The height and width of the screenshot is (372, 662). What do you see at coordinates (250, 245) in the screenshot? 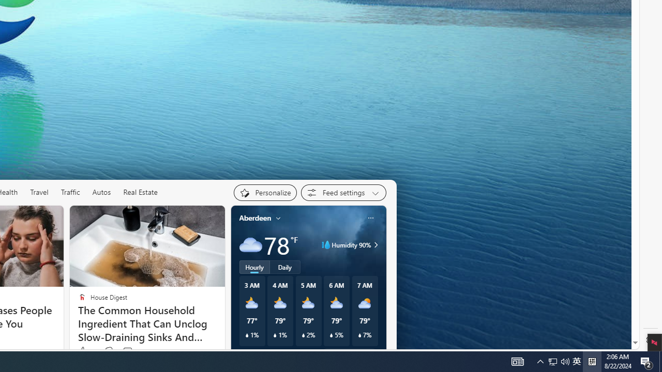
I see `'Cloudy'` at bounding box center [250, 245].